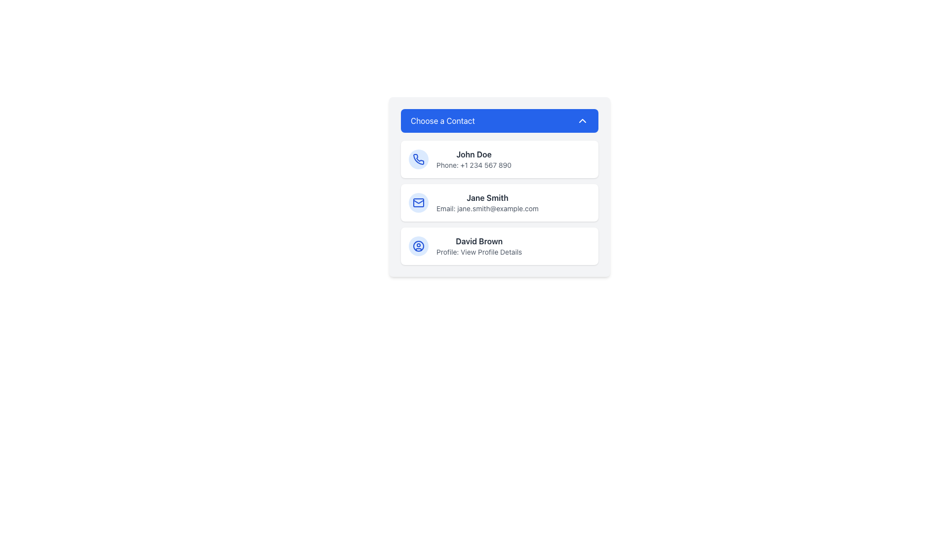 This screenshot has width=948, height=533. Describe the element at coordinates (419, 245) in the screenshot. I see `the user profile icon, which is a blue circular graphic with a white stylized representation of a person's head and shoulders, located within the third item of a centered card` at that location.